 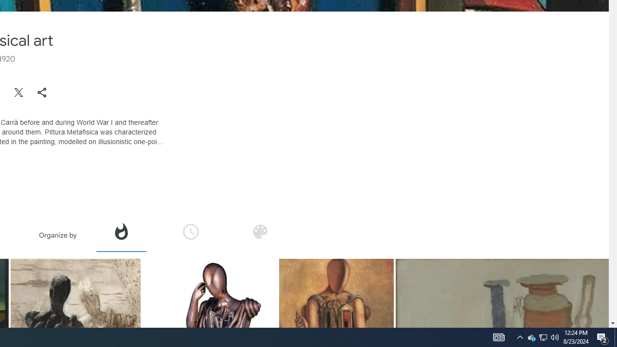 I want to click on 'Organize by time', so click(x=190, y=231).